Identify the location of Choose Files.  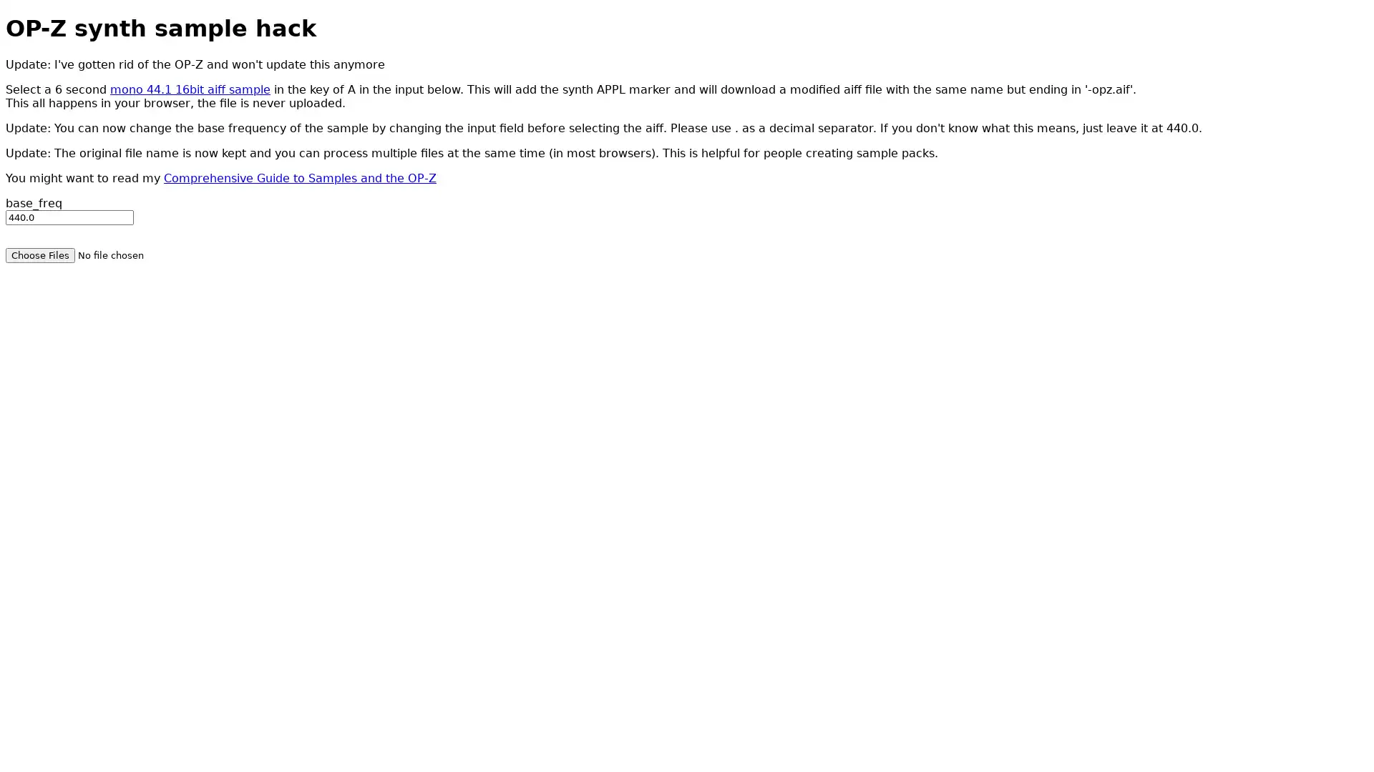
(40, 254).